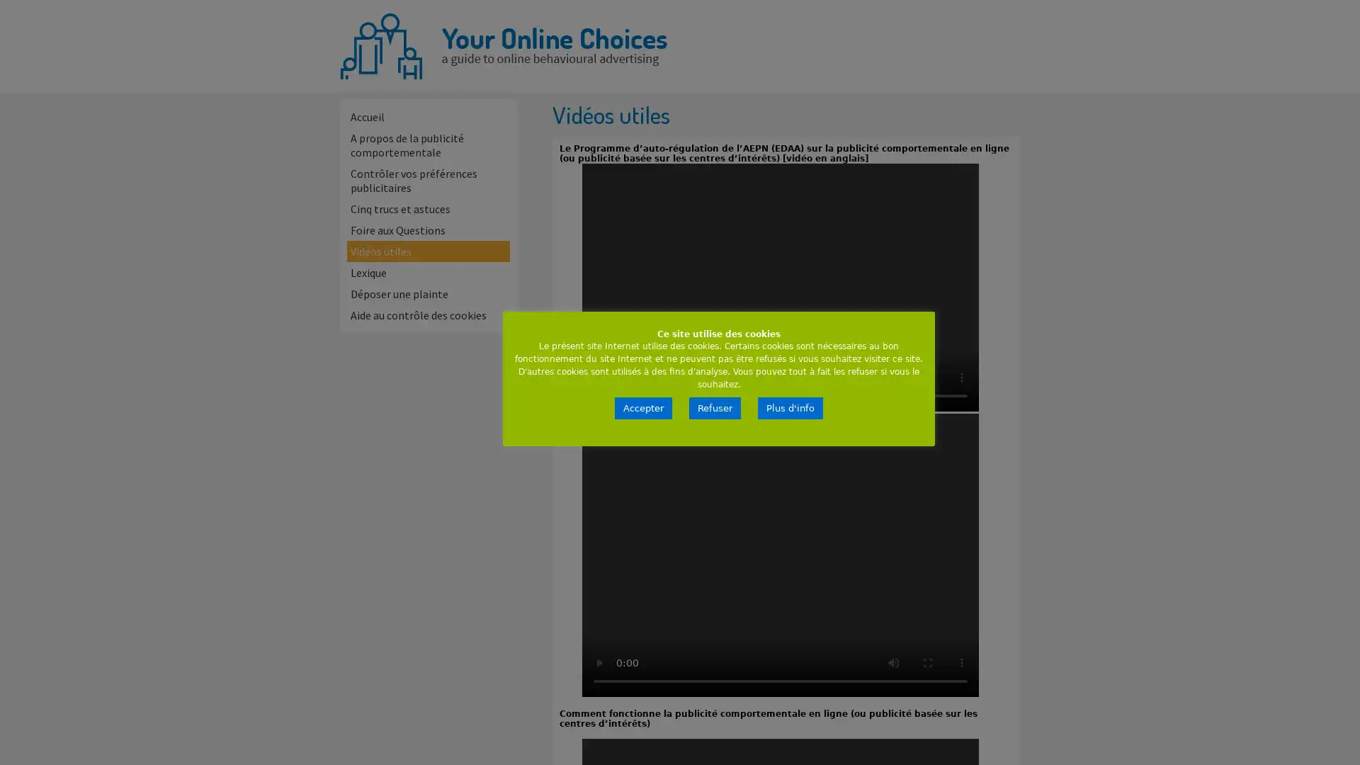 This screenshot has height=765, width=1360. I want to click on show more media controls, so click(962, 663).